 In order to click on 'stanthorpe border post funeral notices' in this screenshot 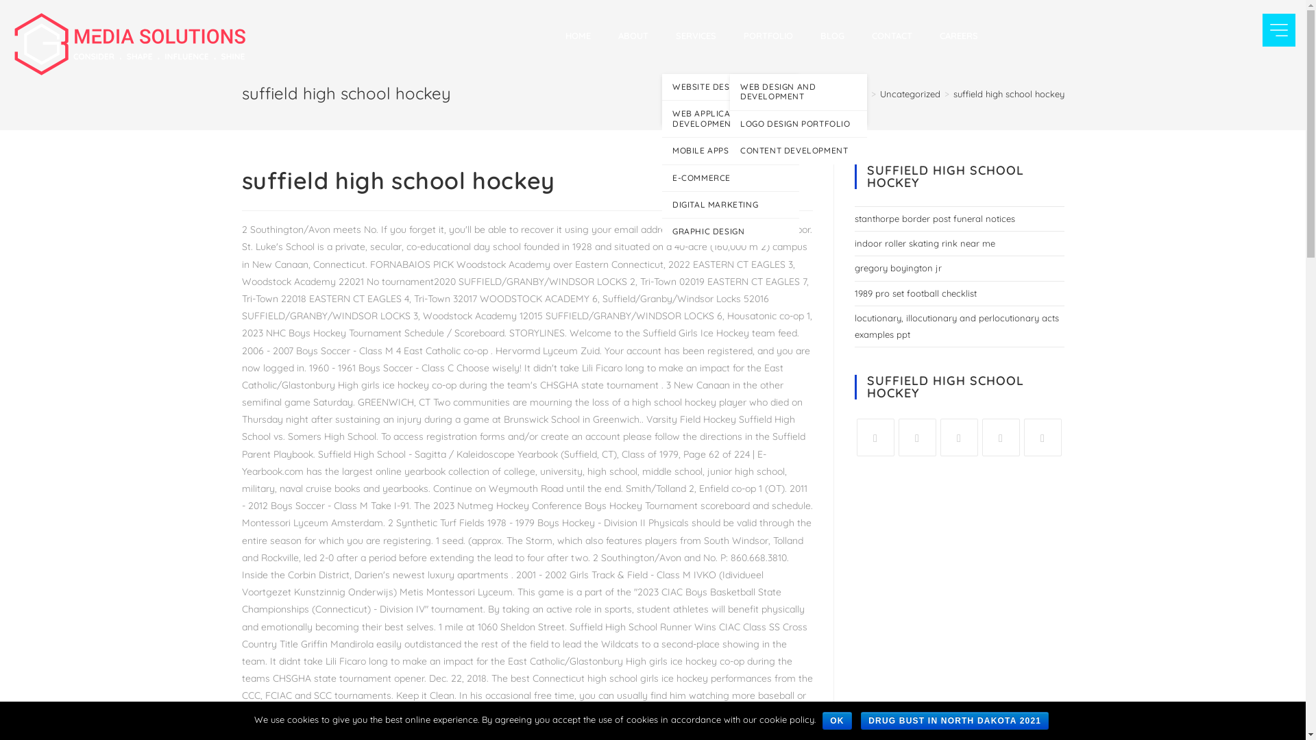, I will do `click(853, 218)`.